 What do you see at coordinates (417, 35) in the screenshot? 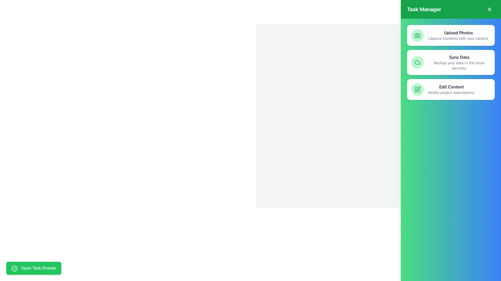
I see `the 'Upload Photos' option in the Task Manager panel` at bounding box center [417, 35].